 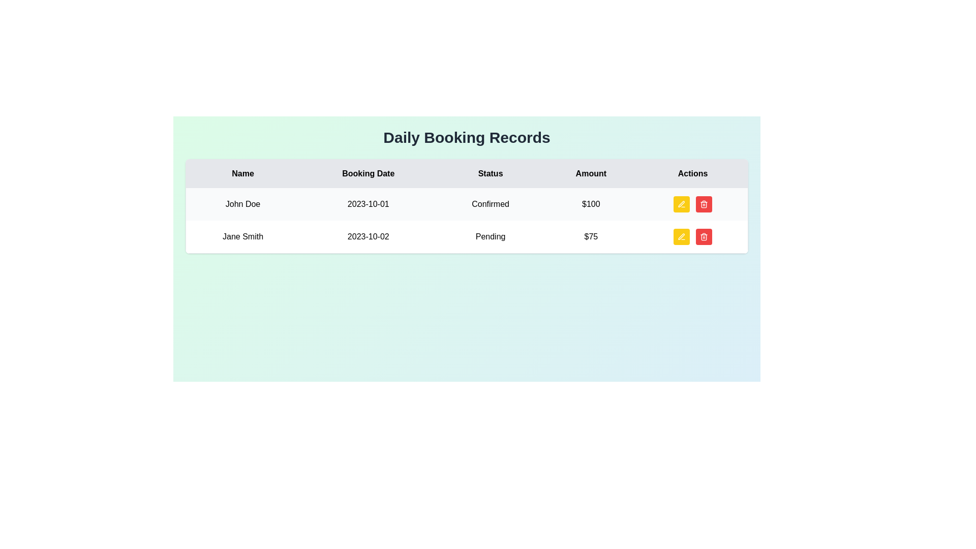 What do you see at coordinates (466, 137) in the screenshot?
I see `the Text heading that serves as a descriptive title for the content displayed below it, which is a table or list of daily booking data` at bounding box center [466, 137].